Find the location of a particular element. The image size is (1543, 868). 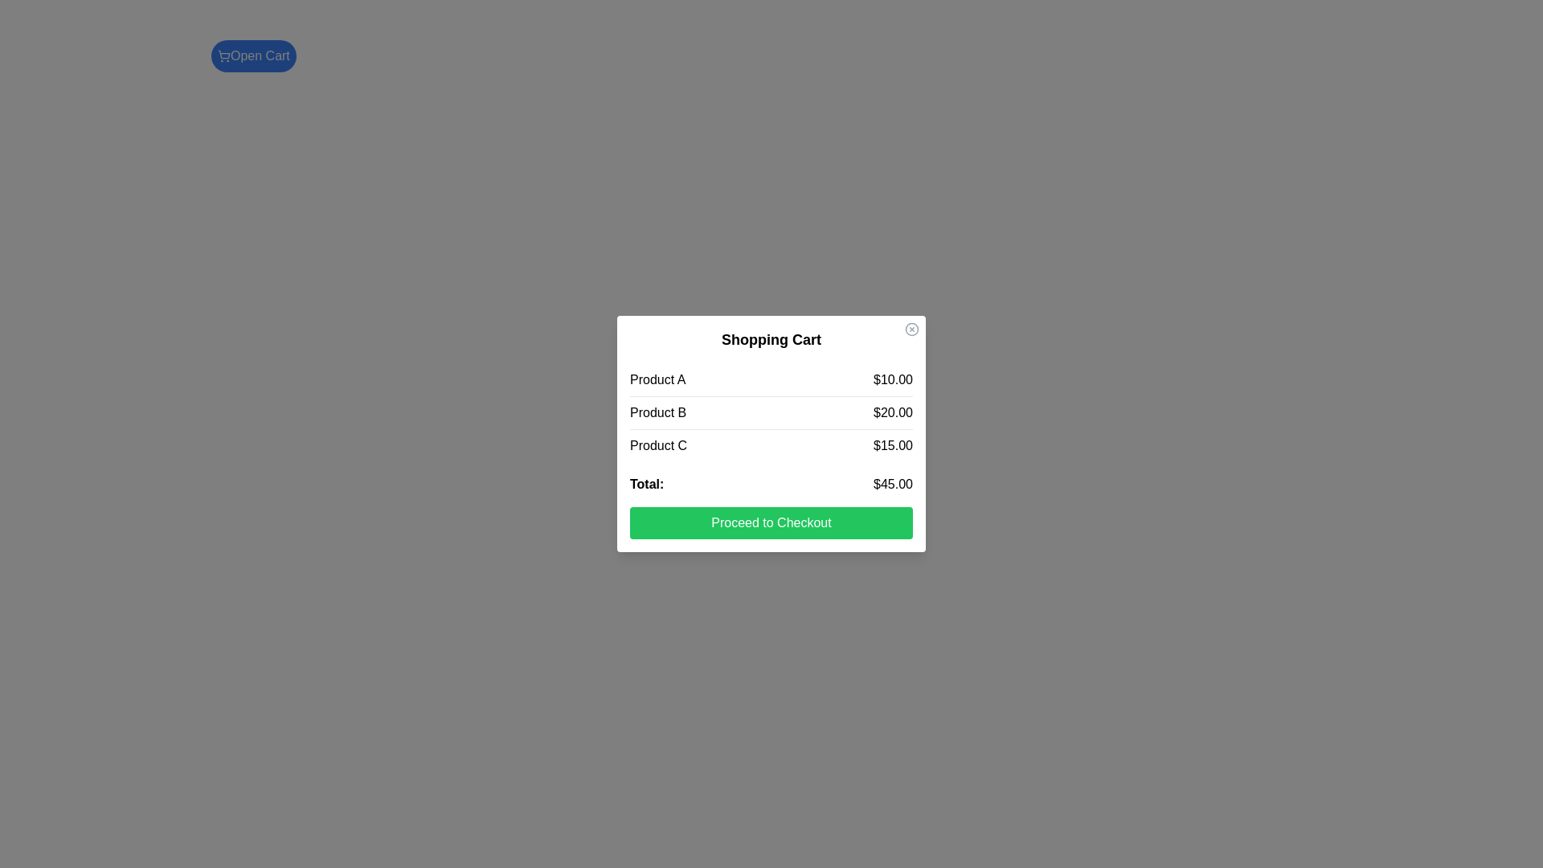

the outer circle of the cross-icon in the top-right corner of the shopping cart dialog by clicking on it is located at coordinates (911, 328).